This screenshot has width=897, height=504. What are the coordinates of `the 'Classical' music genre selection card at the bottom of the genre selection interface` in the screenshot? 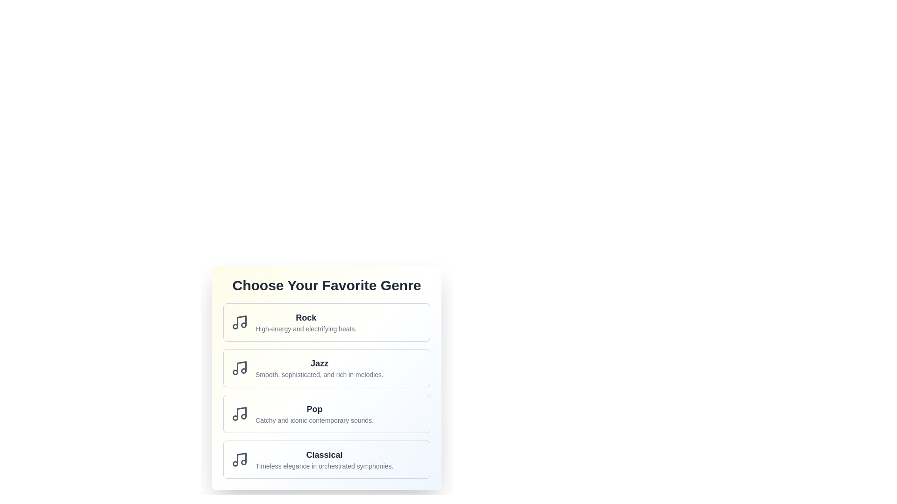 It's located at (327, 459).